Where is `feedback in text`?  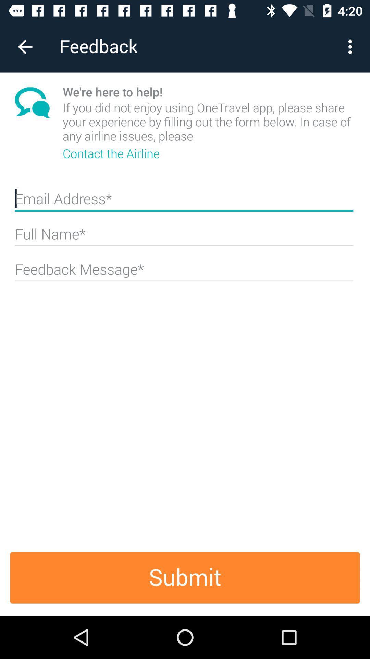
feedback in text is located at coordinates (184, 272).